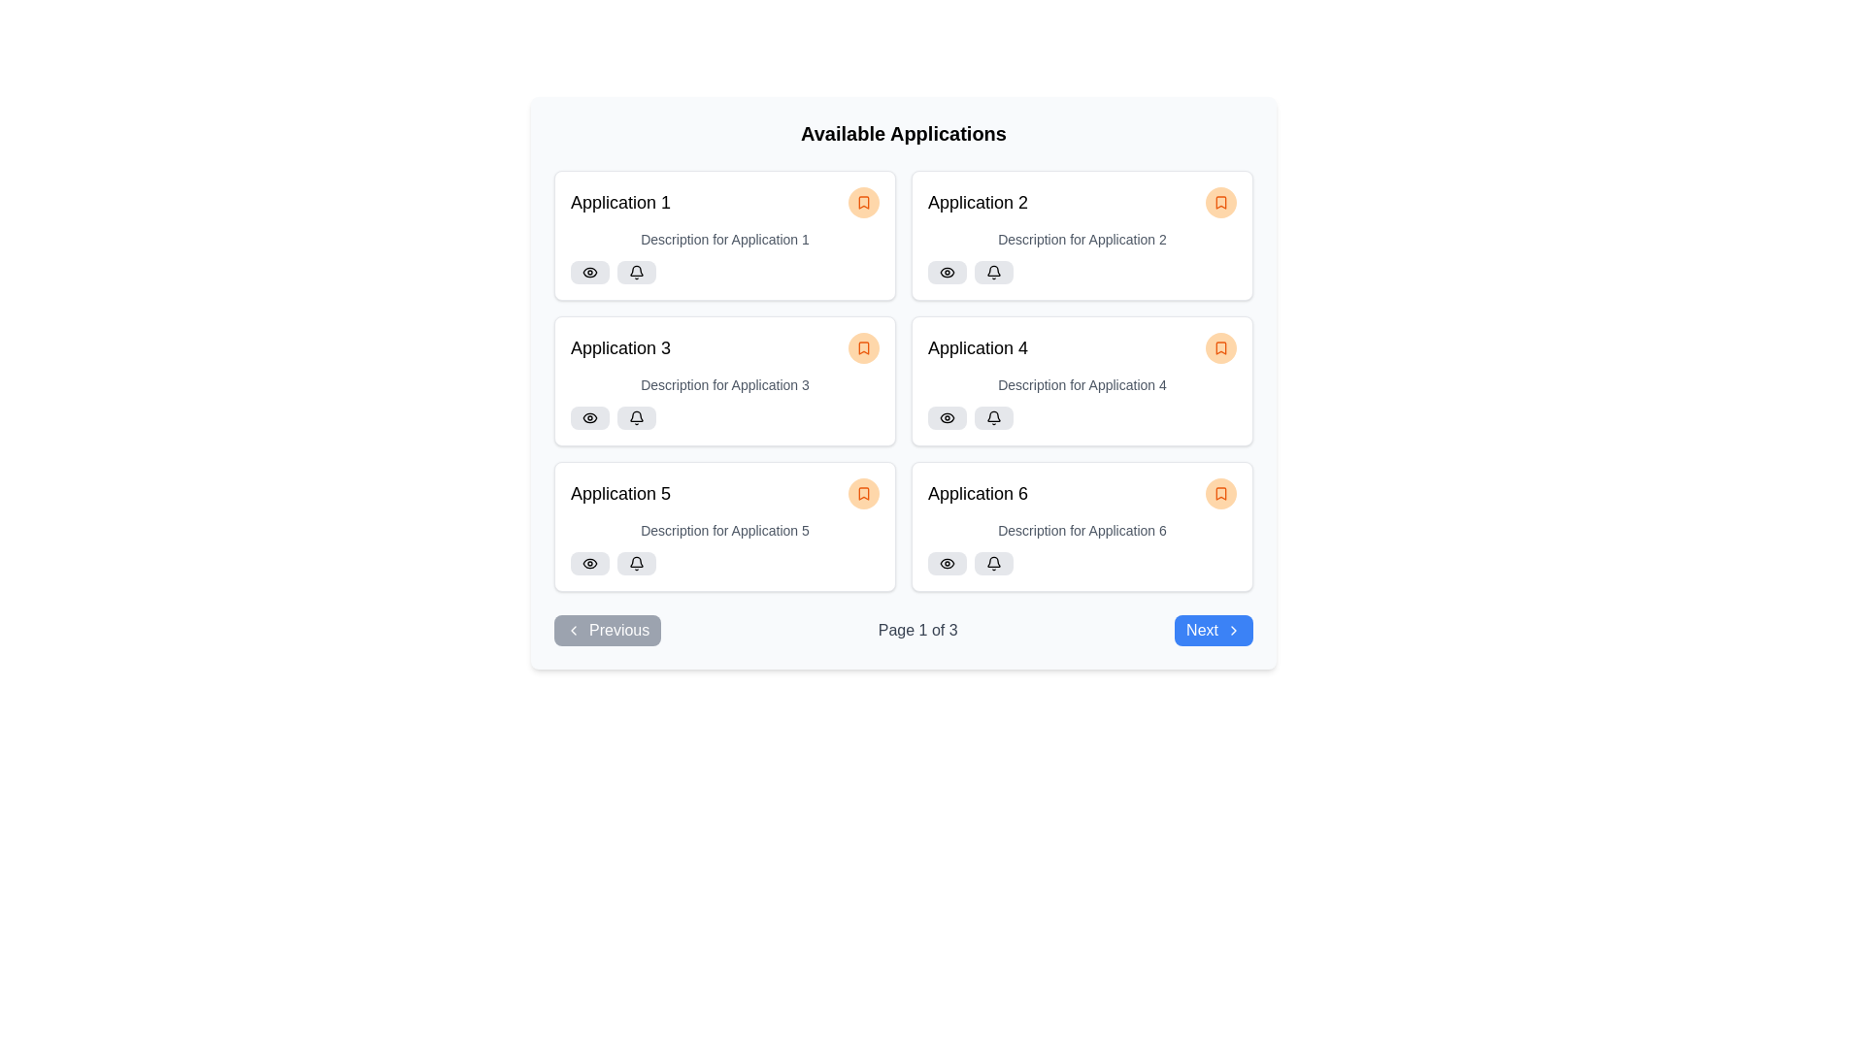 Image resolution: width=1864 pixels, height=1048 pixels. I want to click on the orange bookmark icon located at the top-right corner of the 'Application 5' card, so click(862, 493).